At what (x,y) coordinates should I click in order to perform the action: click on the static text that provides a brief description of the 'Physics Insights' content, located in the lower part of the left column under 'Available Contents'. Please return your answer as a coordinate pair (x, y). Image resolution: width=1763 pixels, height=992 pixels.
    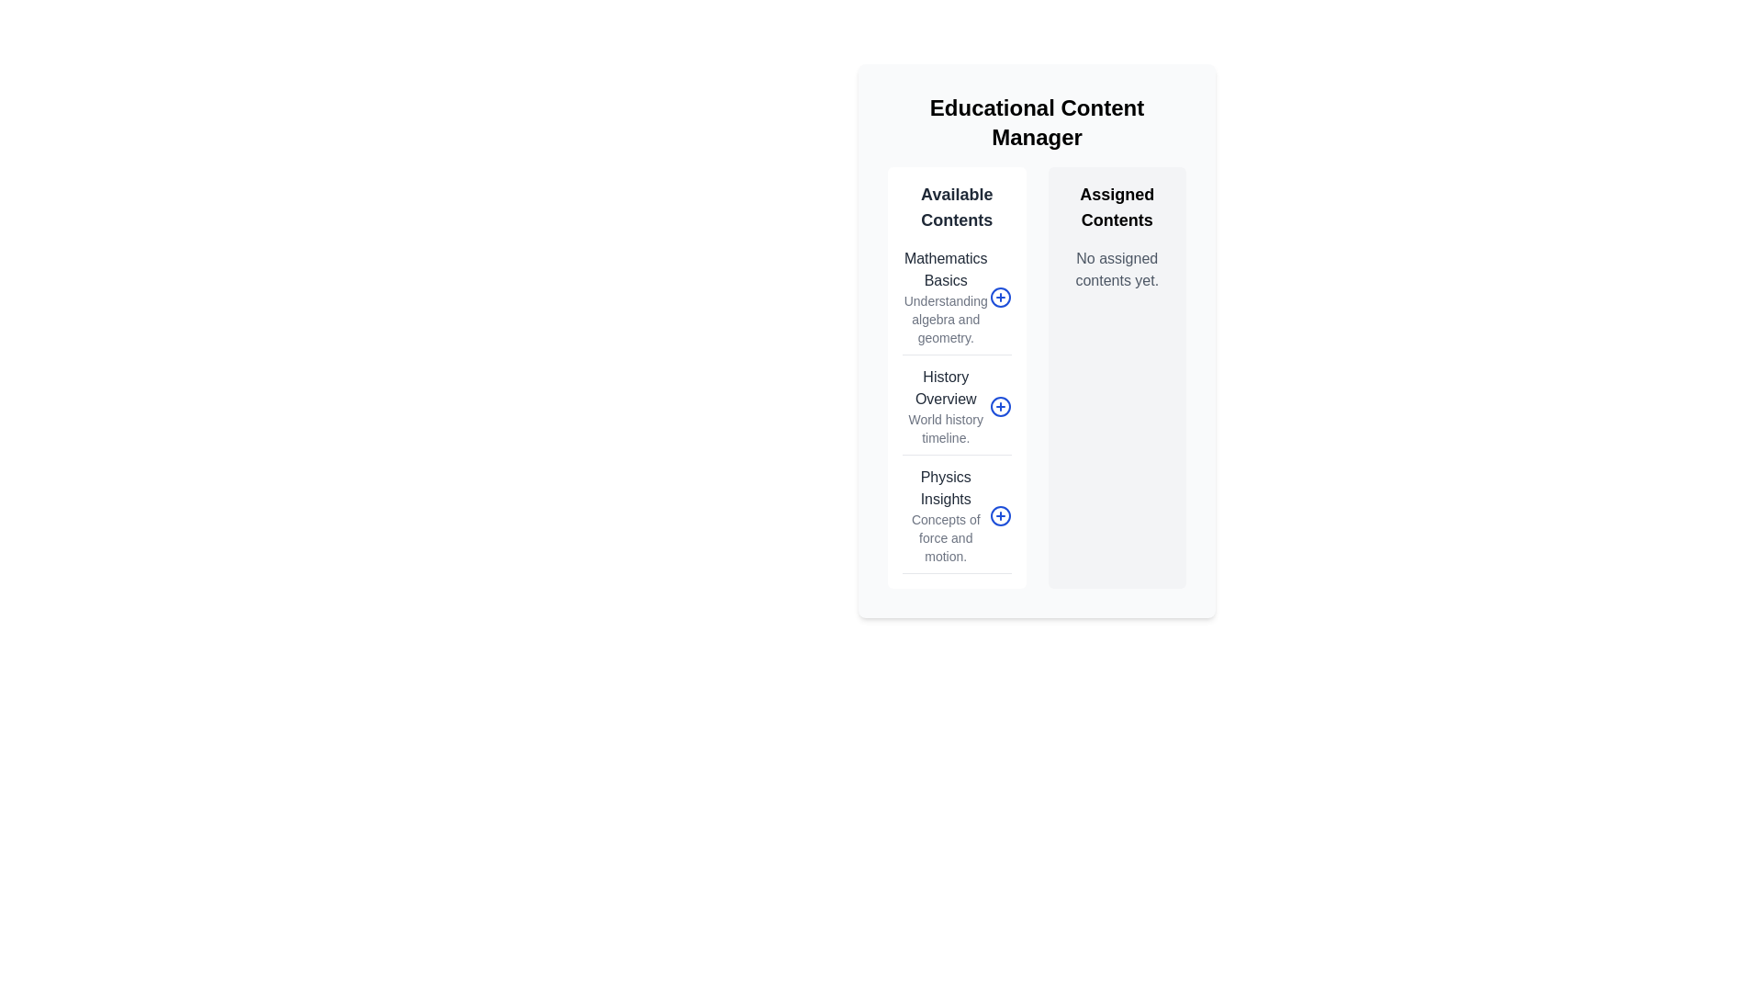
    Looking at the image, I should click on (946, 537).